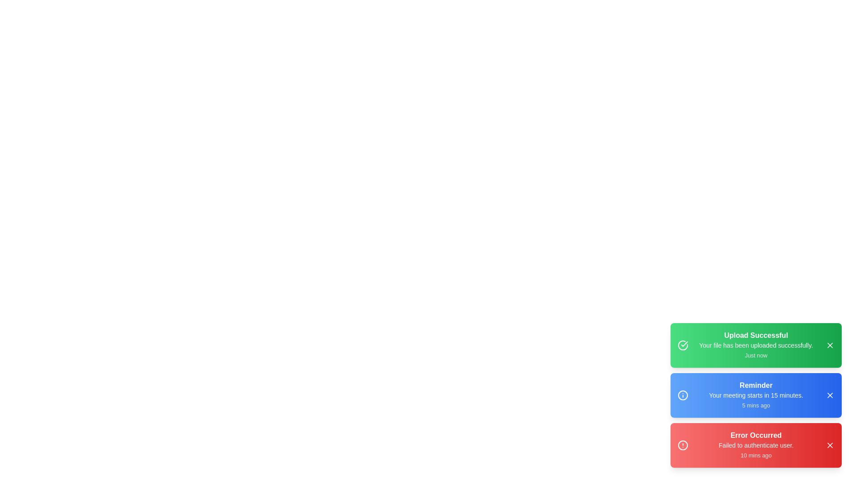  Describe the element at coordinates (755, 445) in the screenshot. I see `the details of the notification with title Error Occurred` at that location.